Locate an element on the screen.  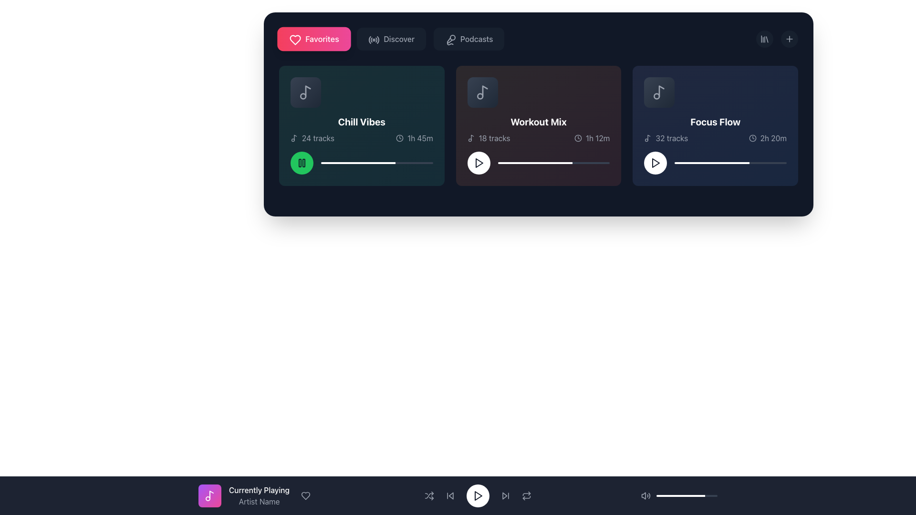
the 'Podcasts' button, which is styled with a dark background, lighter text, and features a microphone icon is located at coordinates (469, 38).